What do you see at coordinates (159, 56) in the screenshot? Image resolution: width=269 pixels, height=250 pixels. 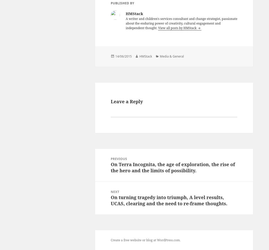 I see `'Media & General'` at bounding box center [159, 56].